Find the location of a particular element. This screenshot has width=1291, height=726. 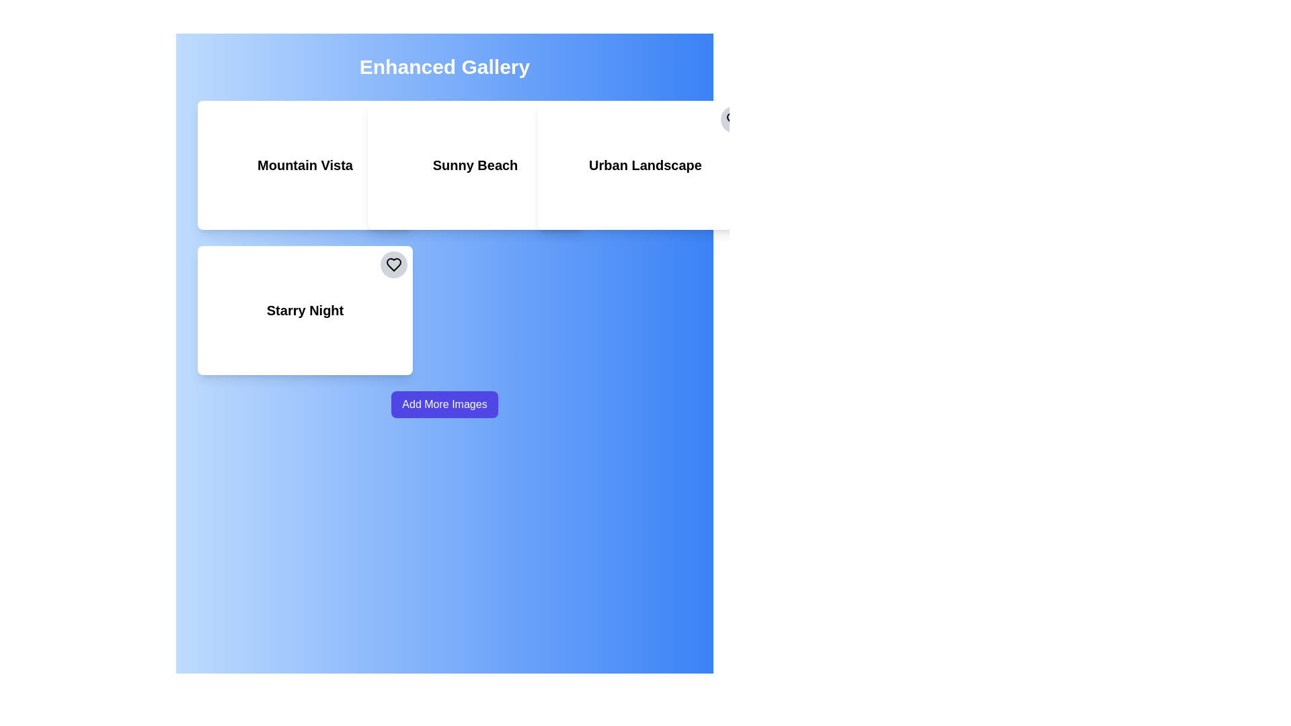

the heart icon located at the upper-right corner of the 'Starry Night' card is located at coordinates (393, 264).